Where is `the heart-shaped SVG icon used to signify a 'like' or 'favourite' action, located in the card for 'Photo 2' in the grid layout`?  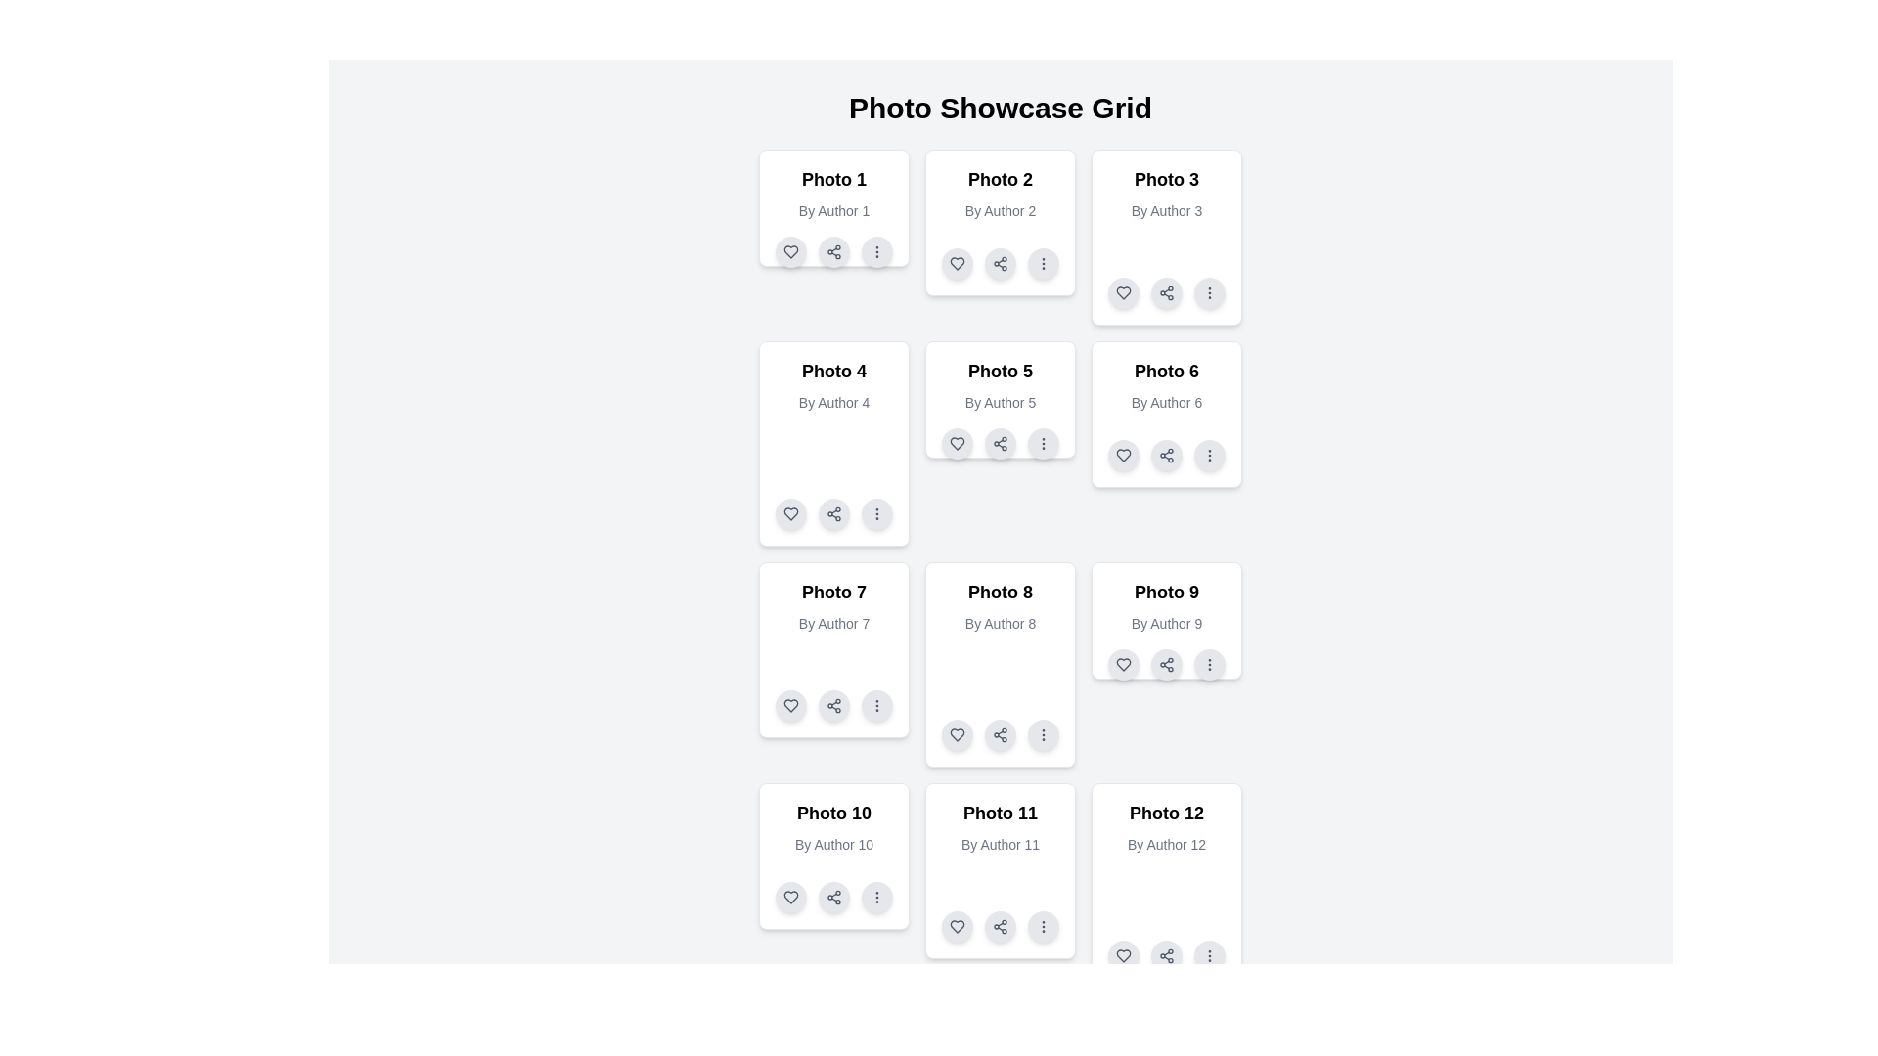
the heart-shaped SVG icon used to signify a 'like' or 'favourite' action, located in the card for 'Photo 2' in the grid layout is located at coordinates (958, 264).